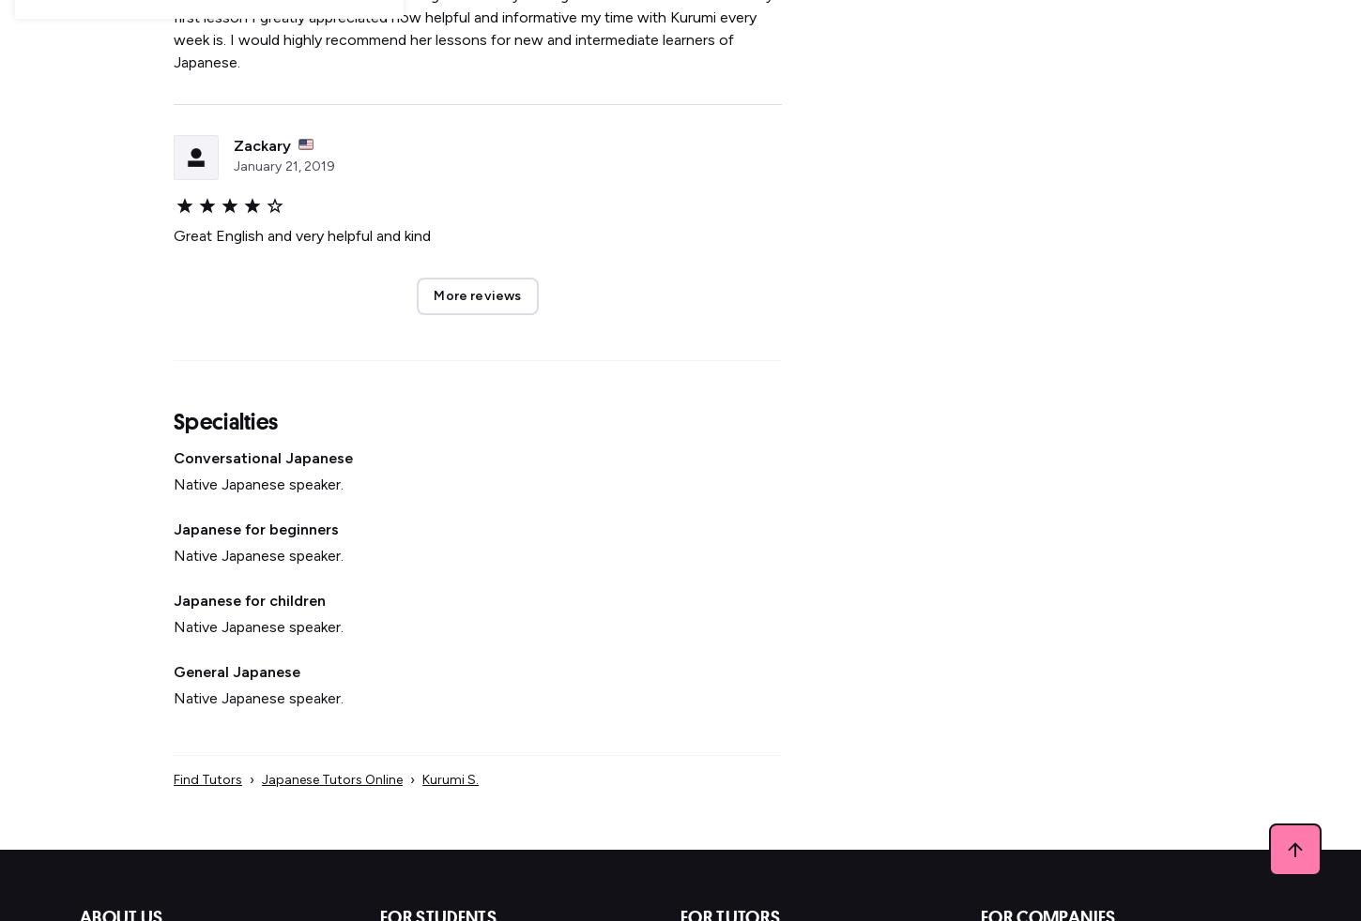 The height and width of the screenshot is (921, 1361). Describe the element at coordinates (263, 458) in the screenshot. I see `'Conversational Japanese'` at that location.